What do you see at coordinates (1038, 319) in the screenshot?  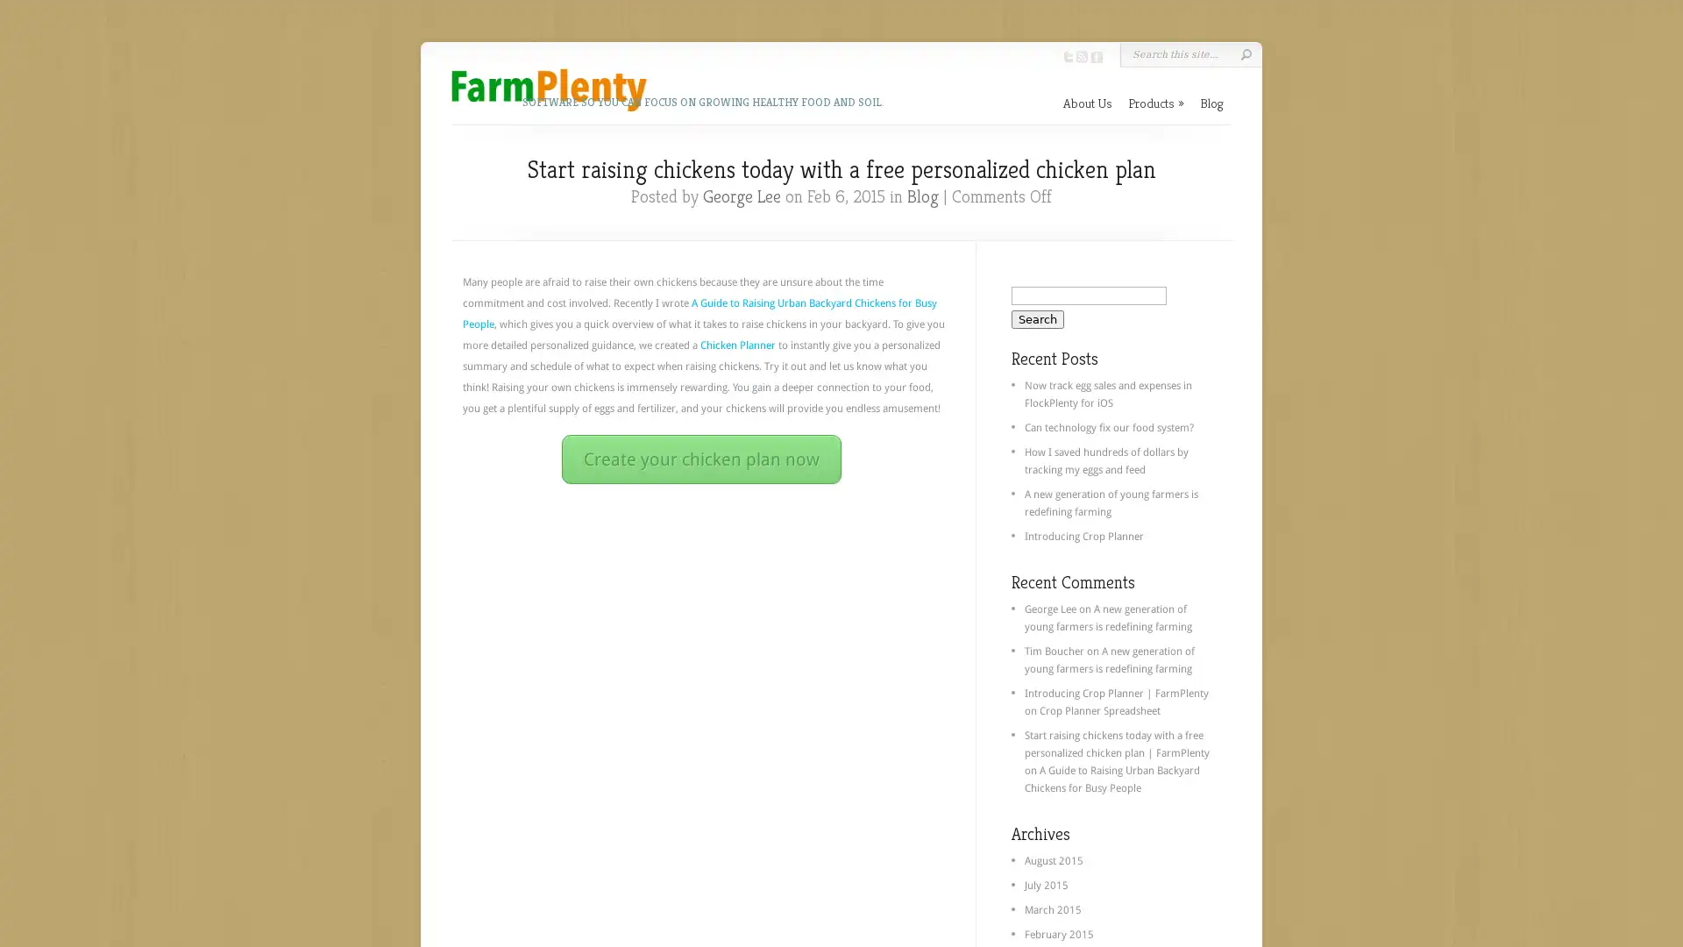 I see `Search` at bounding box center [1038, 319].